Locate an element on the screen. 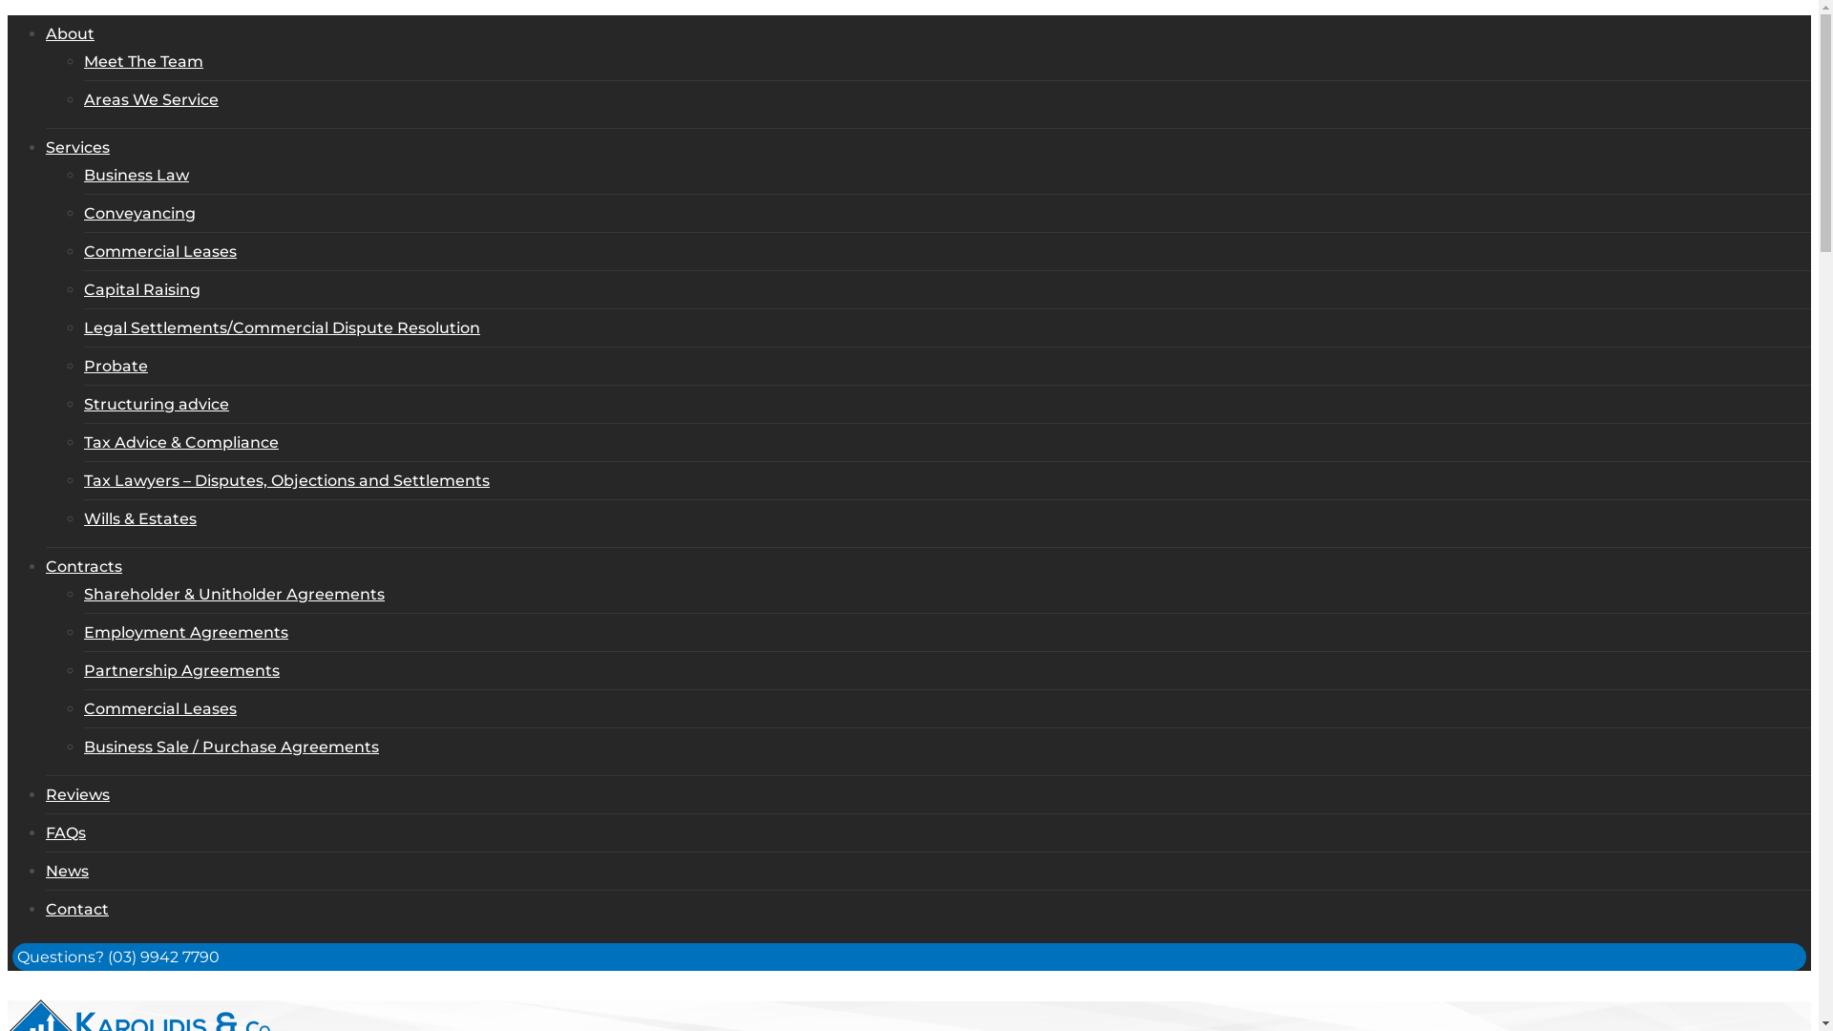 The image size is (1833, 1031). 'Wills & Estates' is located at coordinates (139, 518).